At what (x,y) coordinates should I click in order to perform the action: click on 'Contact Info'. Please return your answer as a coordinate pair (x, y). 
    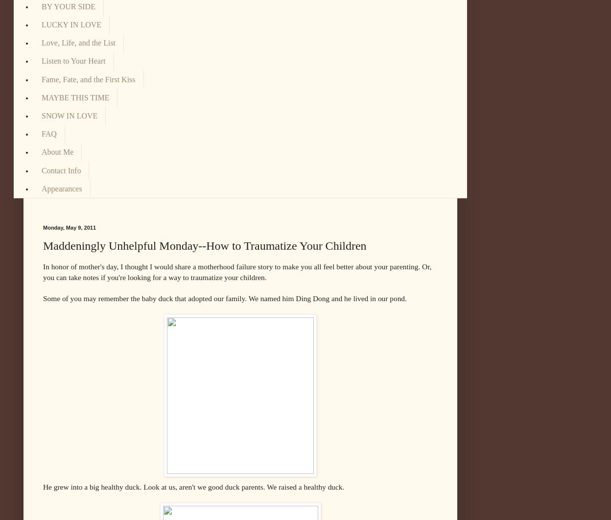
    Looking at the image, I should click on (61, 169).